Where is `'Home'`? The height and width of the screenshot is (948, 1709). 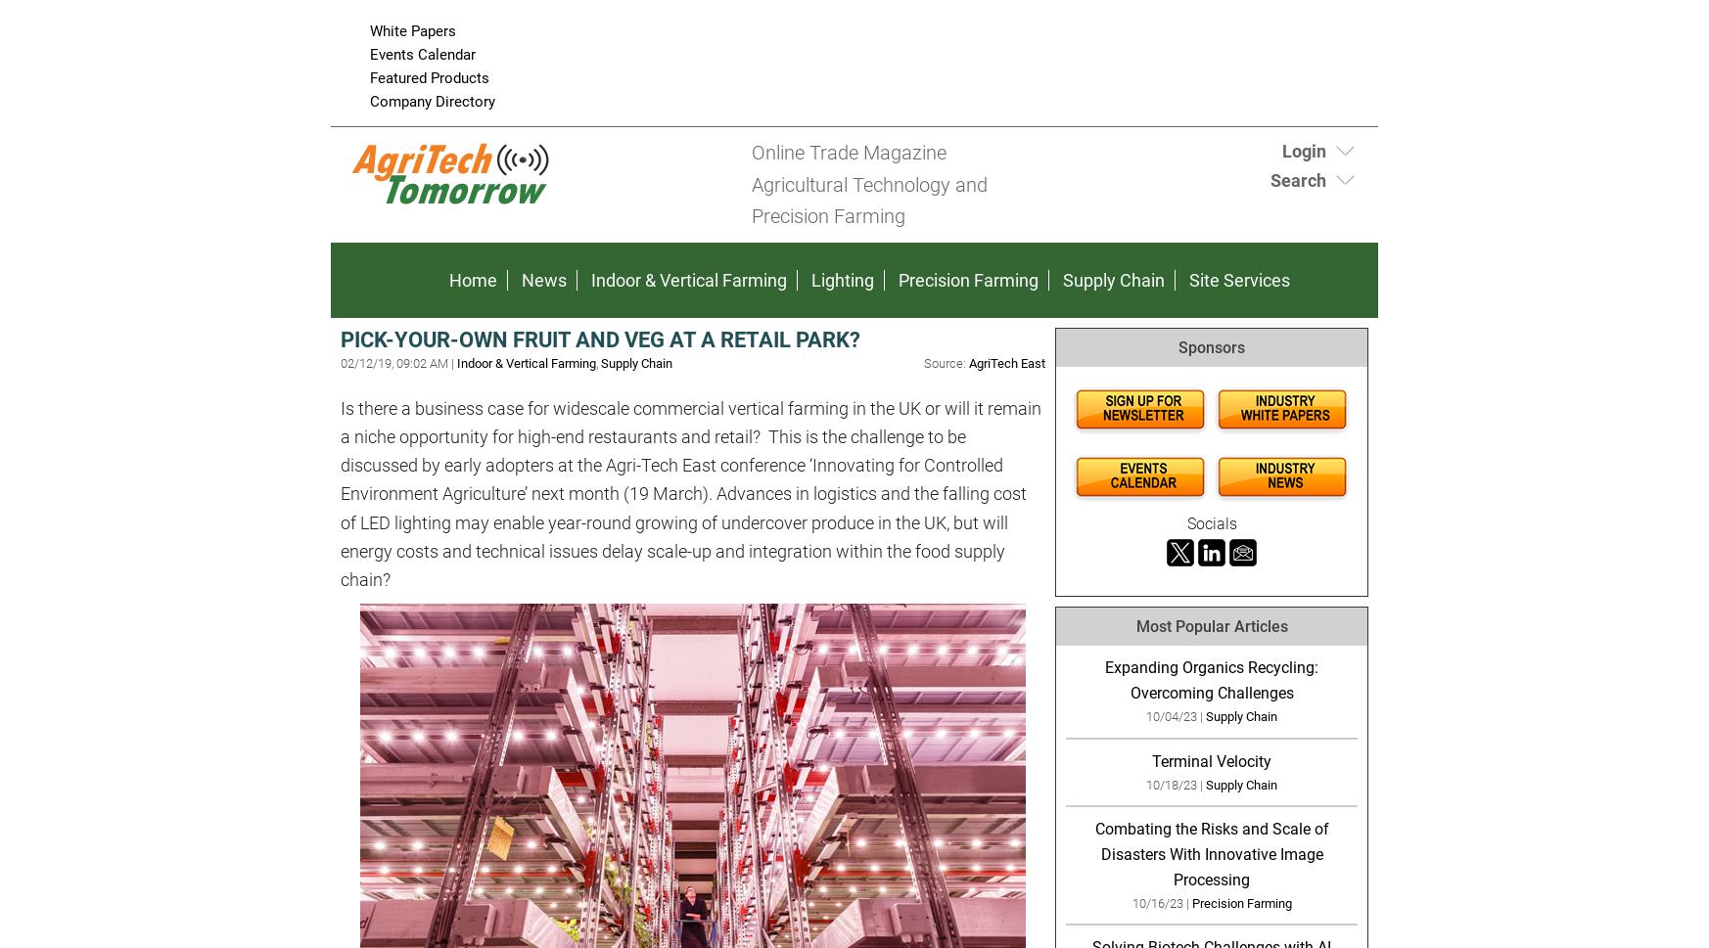
'Home' is located at coordinates (472, 279).